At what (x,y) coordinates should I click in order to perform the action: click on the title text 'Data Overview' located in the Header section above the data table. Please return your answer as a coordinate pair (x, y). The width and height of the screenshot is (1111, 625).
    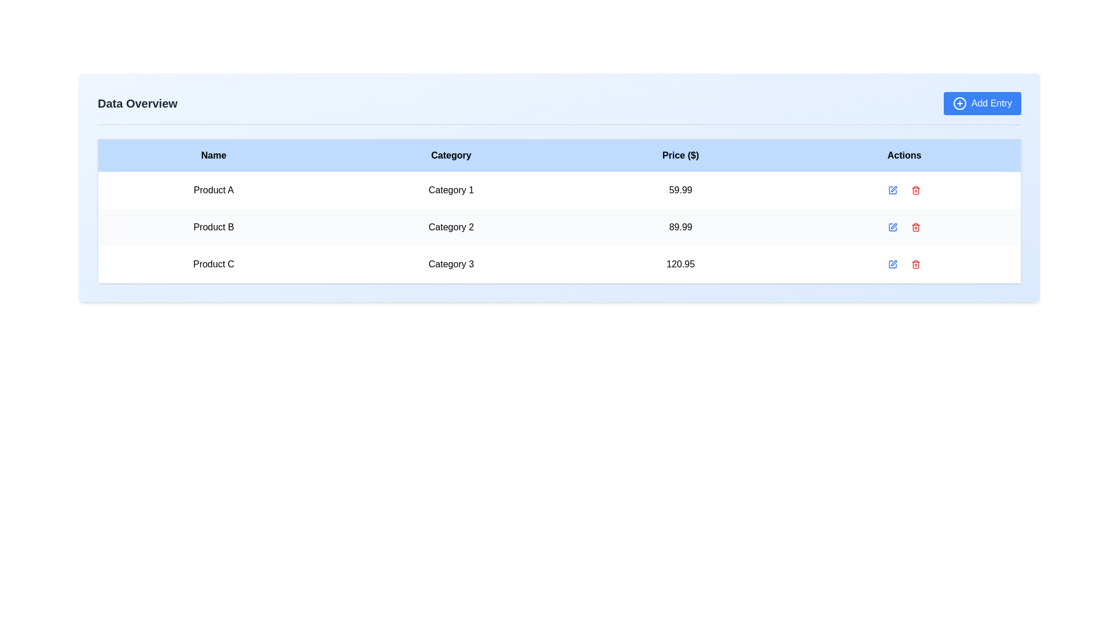
    Looking at the image, I should click on (559, 108).